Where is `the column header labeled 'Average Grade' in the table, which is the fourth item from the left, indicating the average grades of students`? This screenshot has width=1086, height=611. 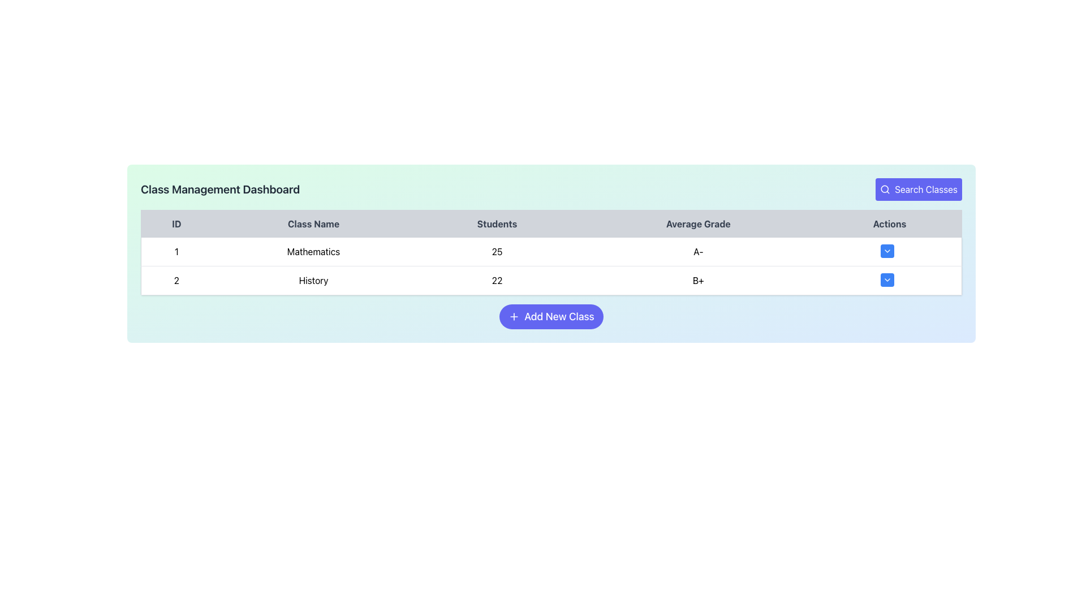 the column header labeled 'Average Grade' in the table, which is the fourth item from the left, indicating the average grades of students is located at coordinates (697, 223).